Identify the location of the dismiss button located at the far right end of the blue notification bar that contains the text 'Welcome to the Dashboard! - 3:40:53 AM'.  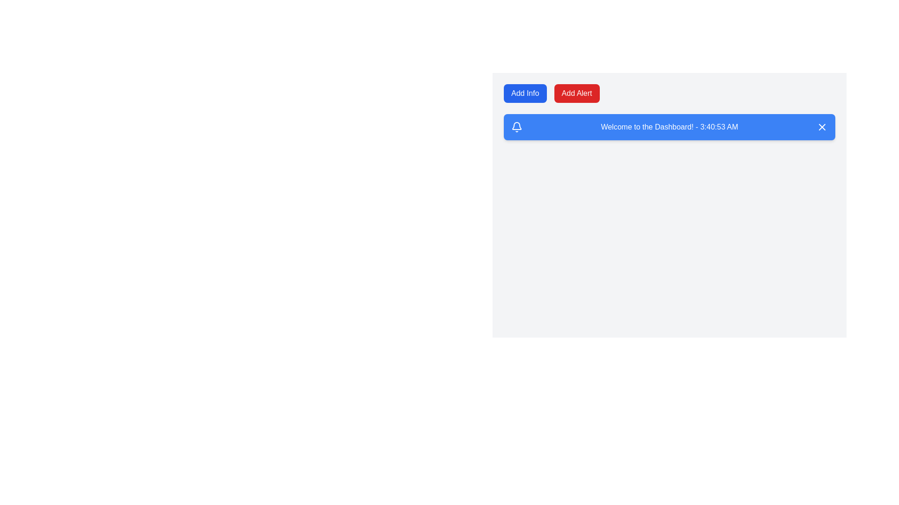
(822, 127).